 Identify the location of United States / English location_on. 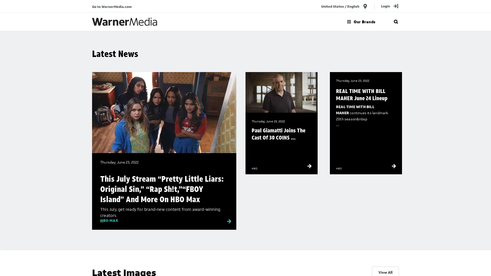
(345, 7).